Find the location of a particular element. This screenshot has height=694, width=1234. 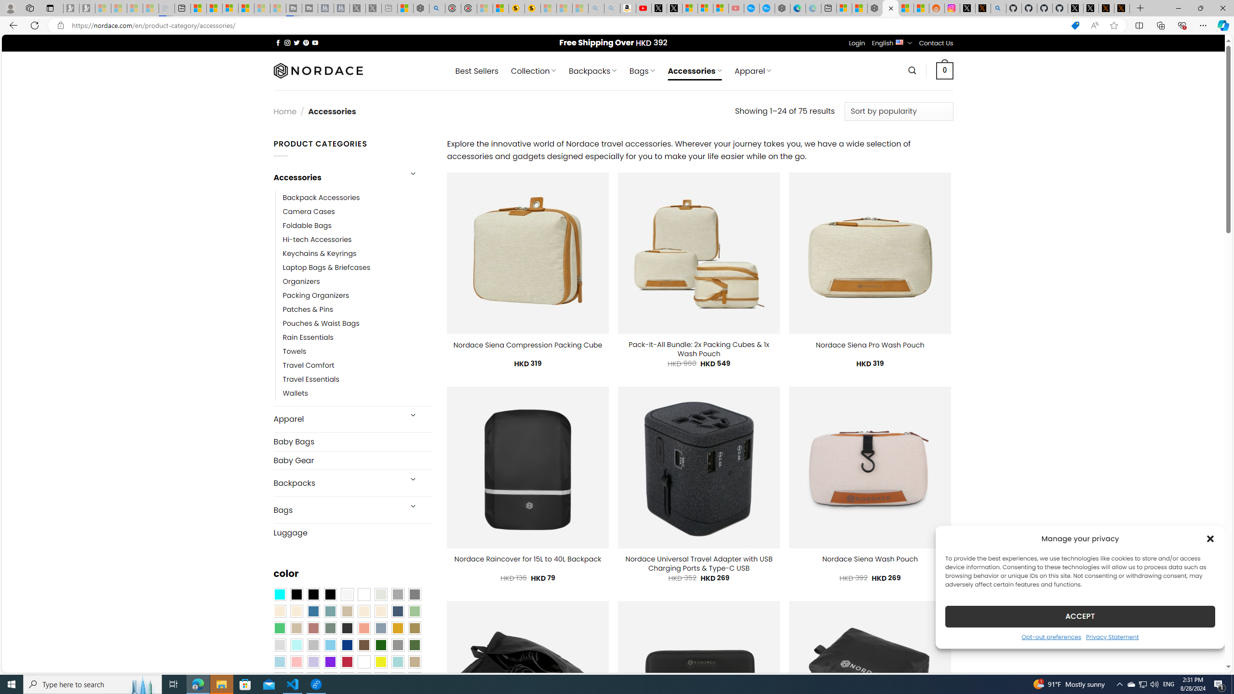

'Nordace - Best Sellers' is located at coordinates (875, 8).